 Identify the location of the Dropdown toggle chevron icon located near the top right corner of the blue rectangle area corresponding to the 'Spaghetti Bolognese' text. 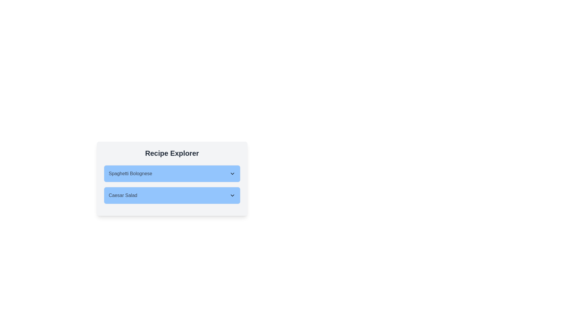
(232, 173).